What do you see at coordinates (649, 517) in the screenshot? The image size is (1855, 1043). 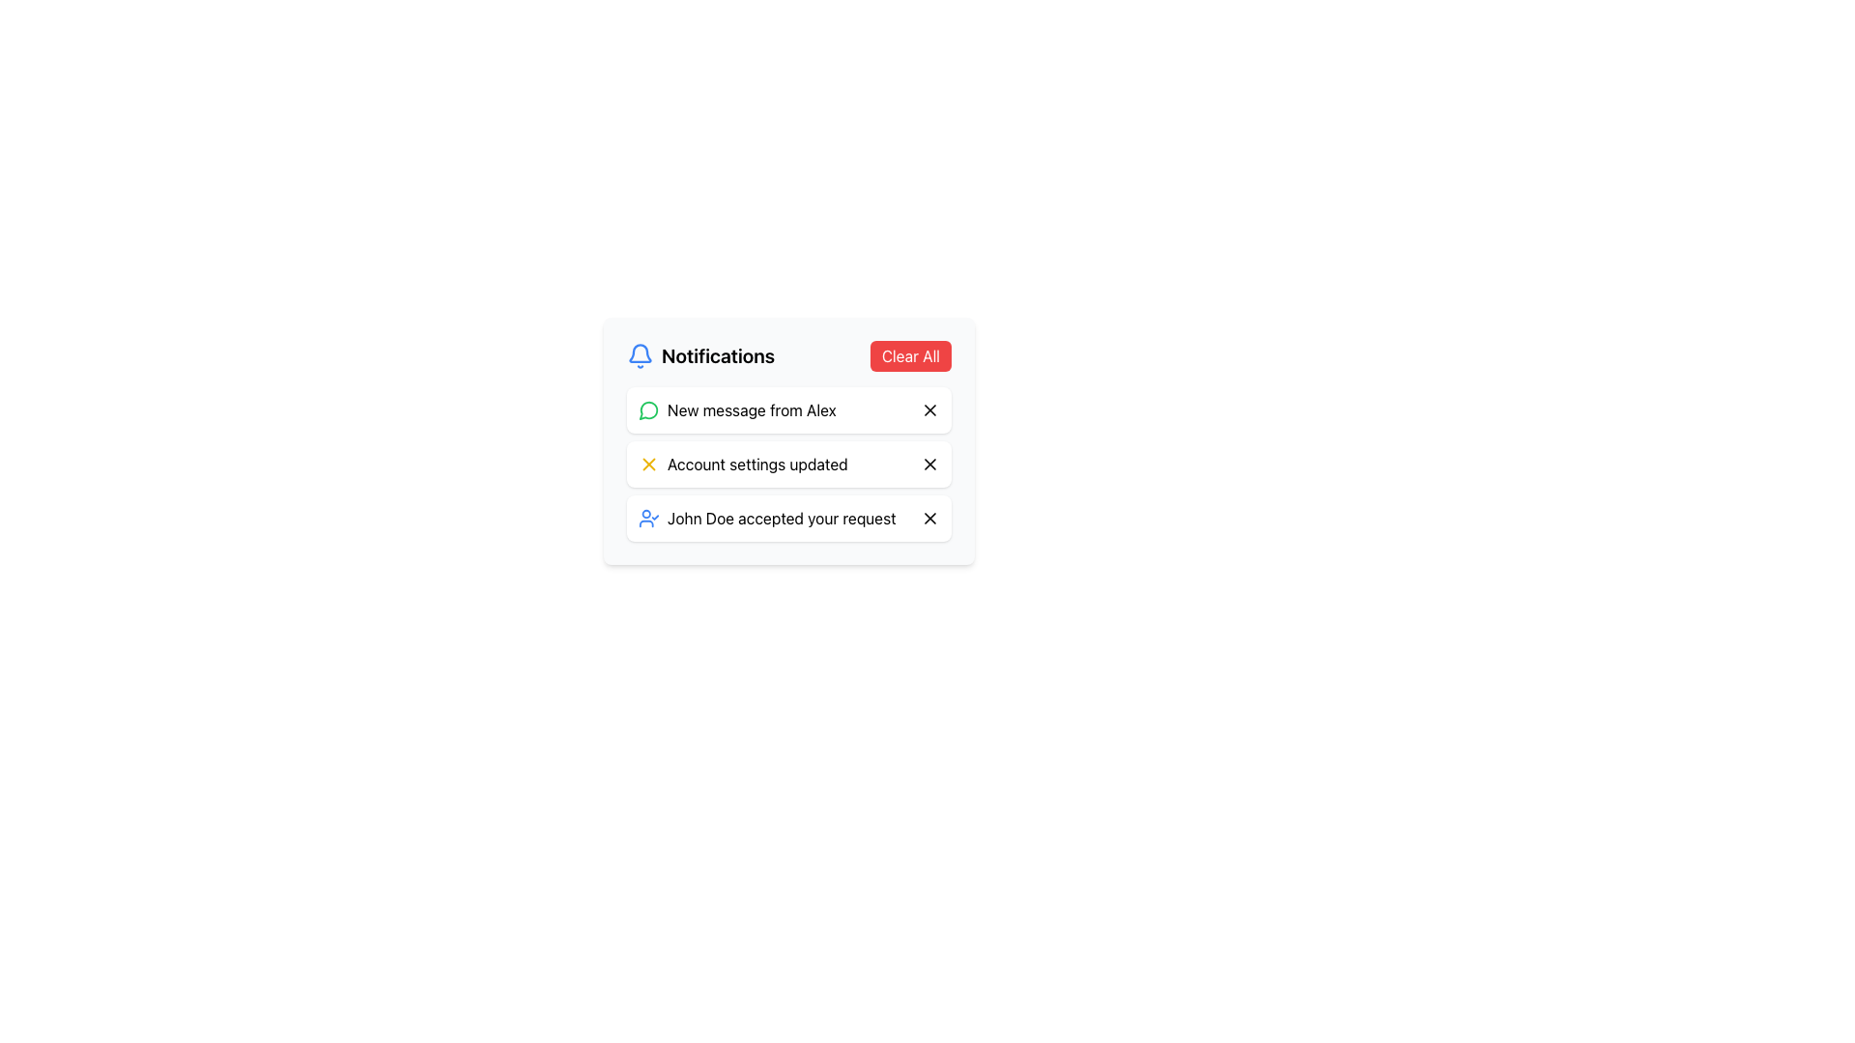 I see `the blue user avatar icon with a check mark that is the first visual element of the notification stating 'John Doe accepted your request'` at bounding box center [649, 517].